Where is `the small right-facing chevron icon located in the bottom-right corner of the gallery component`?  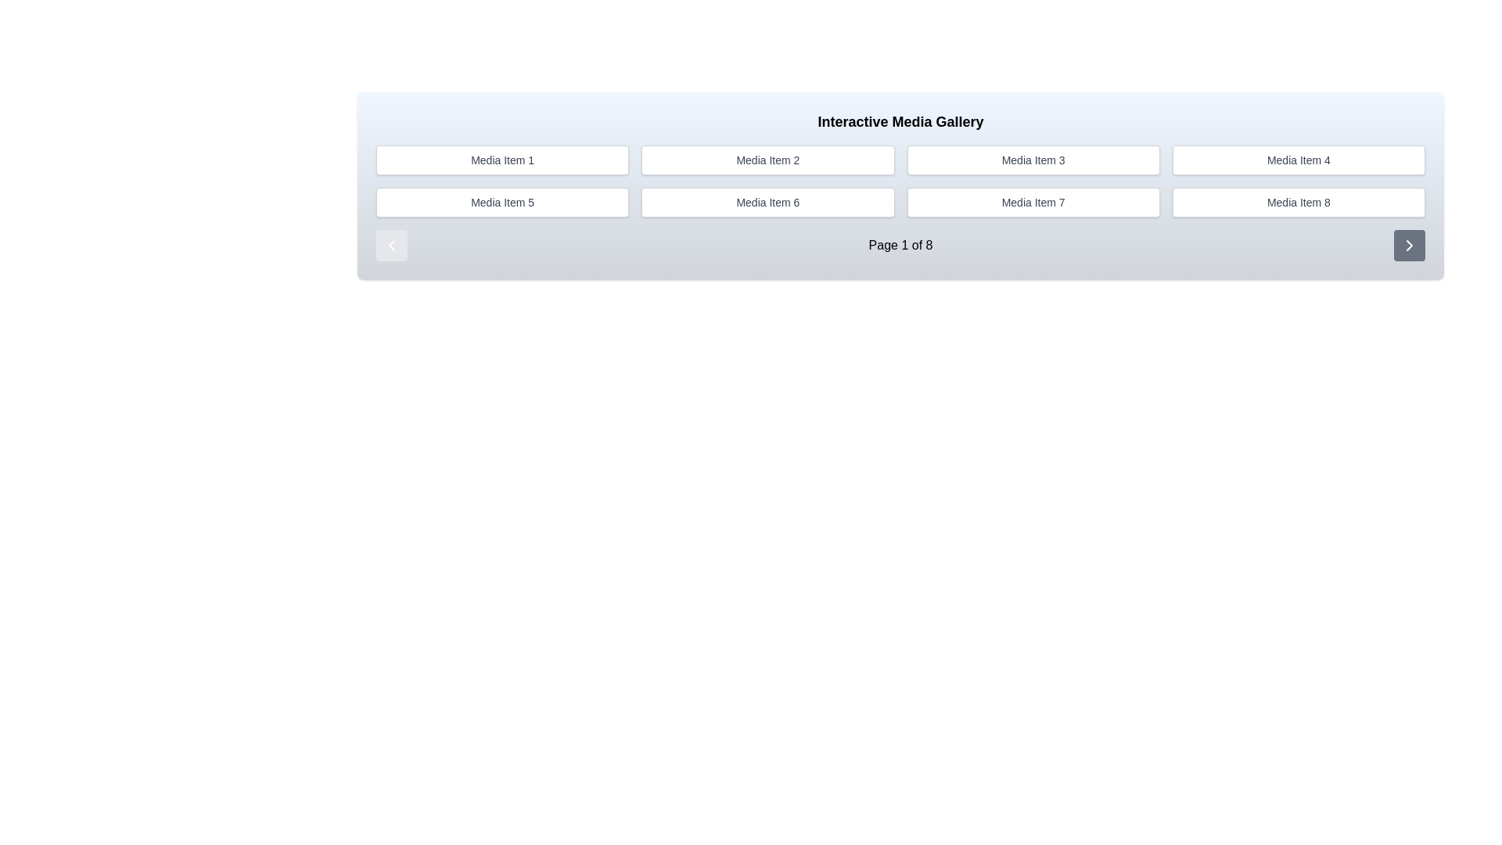 the small right-facing chevron icon located in the bottom-right corner of the gallery component is located at coordinates (1409, 245).